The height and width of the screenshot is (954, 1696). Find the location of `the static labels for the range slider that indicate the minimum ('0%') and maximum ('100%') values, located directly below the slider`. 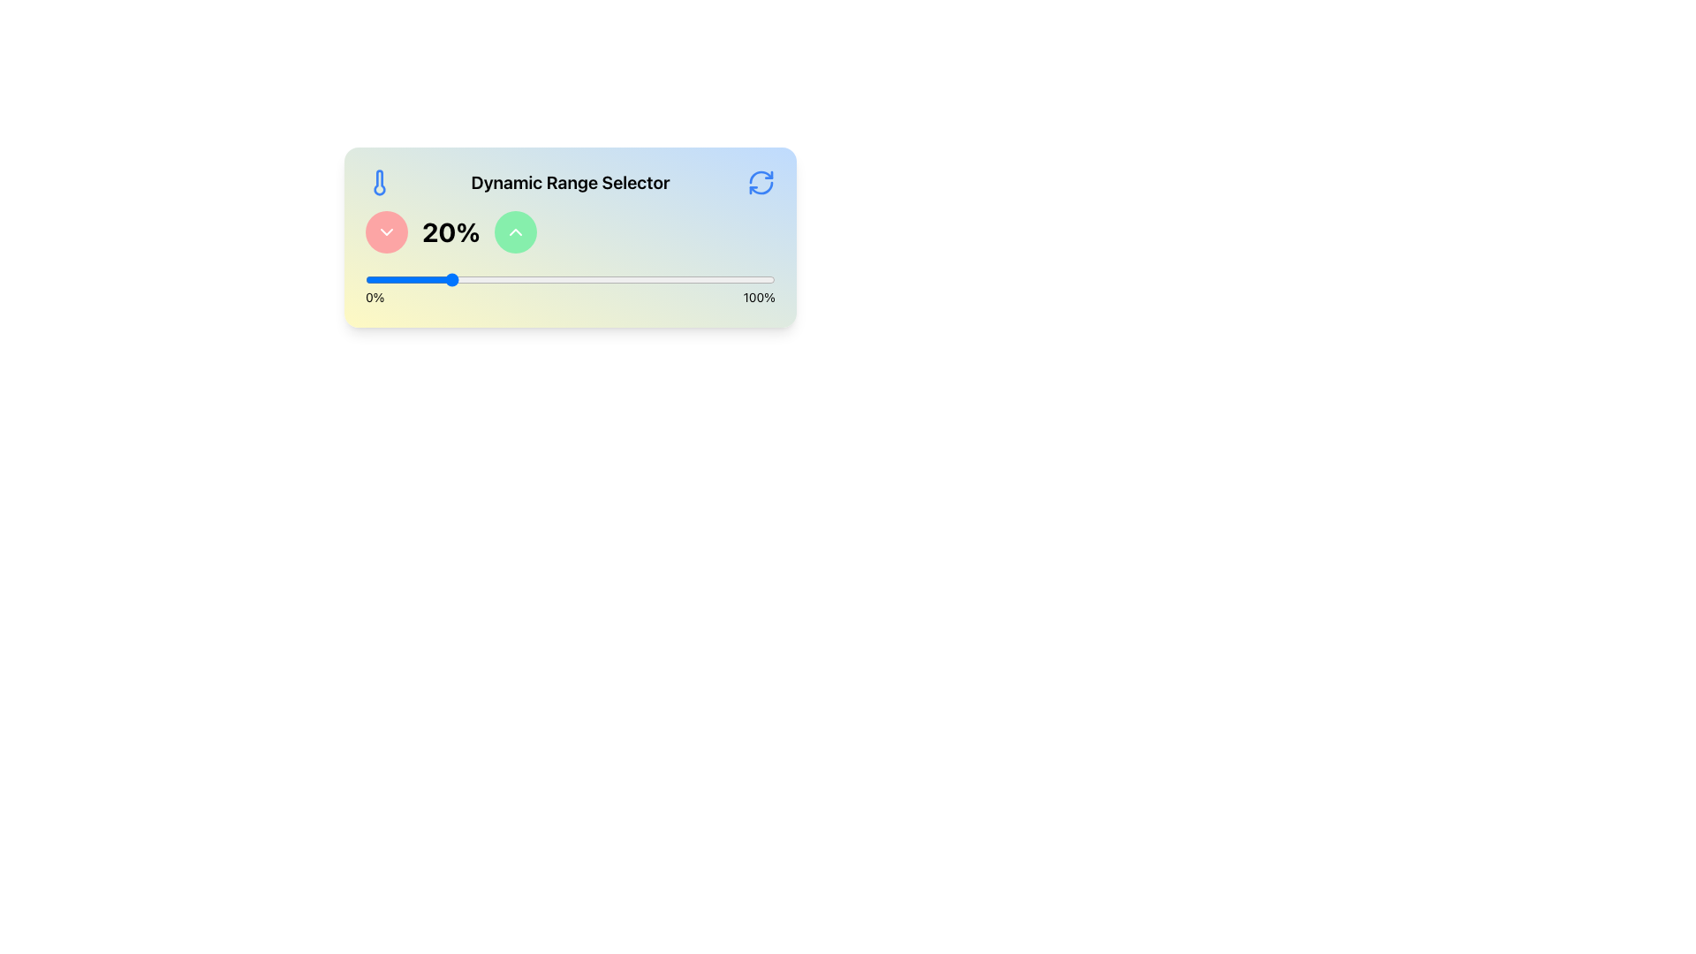

the static labels for the range slider that indicate the minimum ('0%') and maximum ('100%') values, located directly below the slider is located at coordinates (571, 296).